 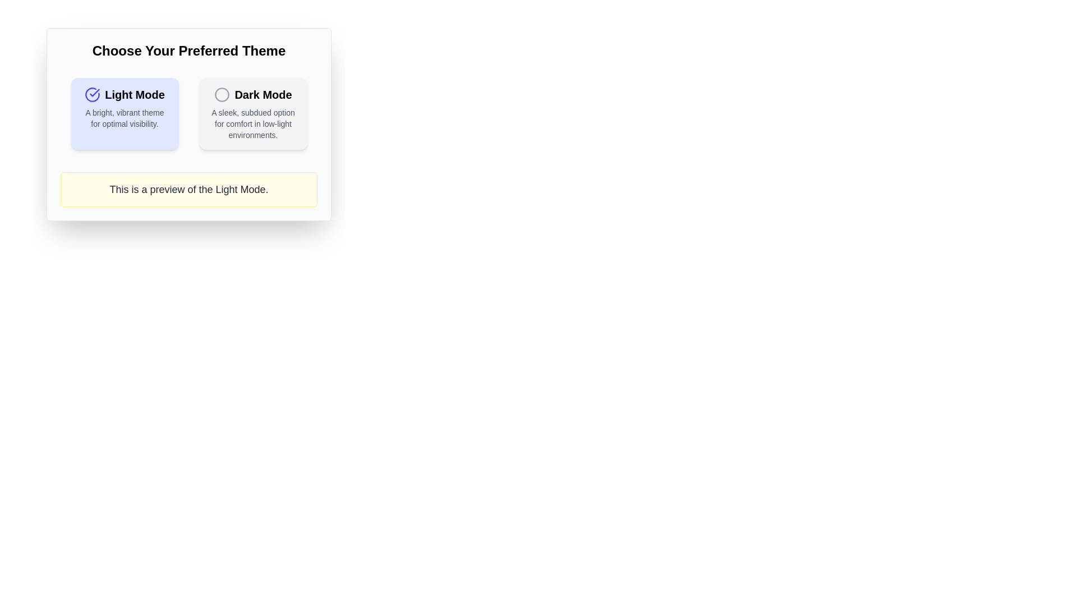 I want to click on the 'Light Mode' icon, so click(x=93, y=94).